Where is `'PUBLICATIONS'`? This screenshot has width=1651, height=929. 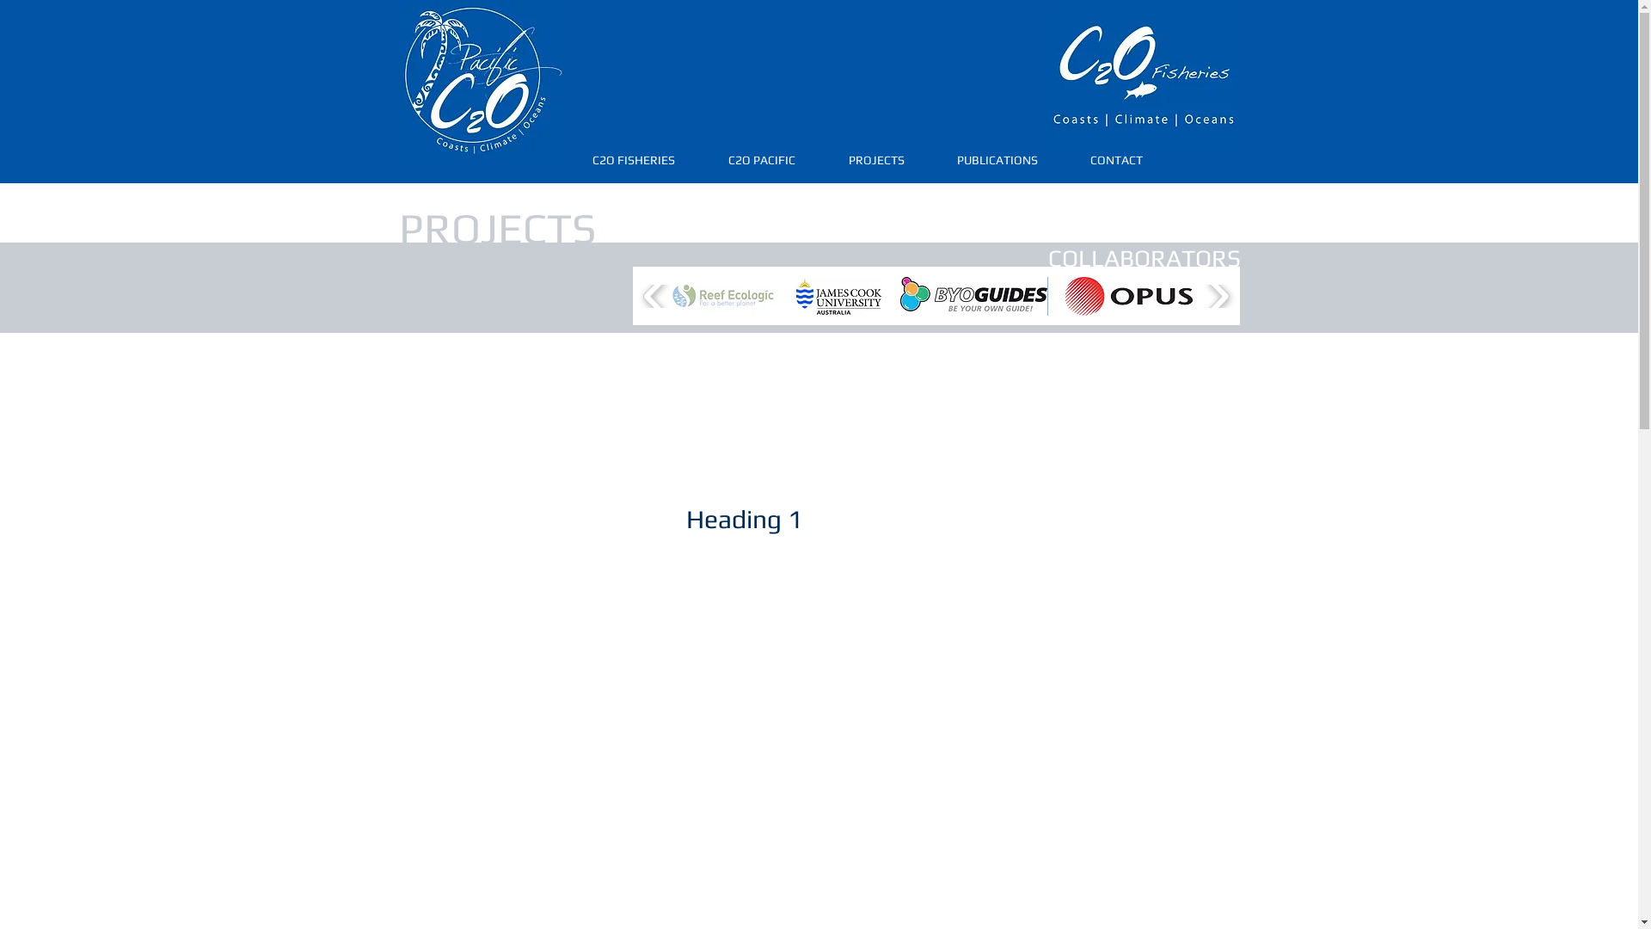
'PUBLICATIONS' is located at coordinates (997, 159).